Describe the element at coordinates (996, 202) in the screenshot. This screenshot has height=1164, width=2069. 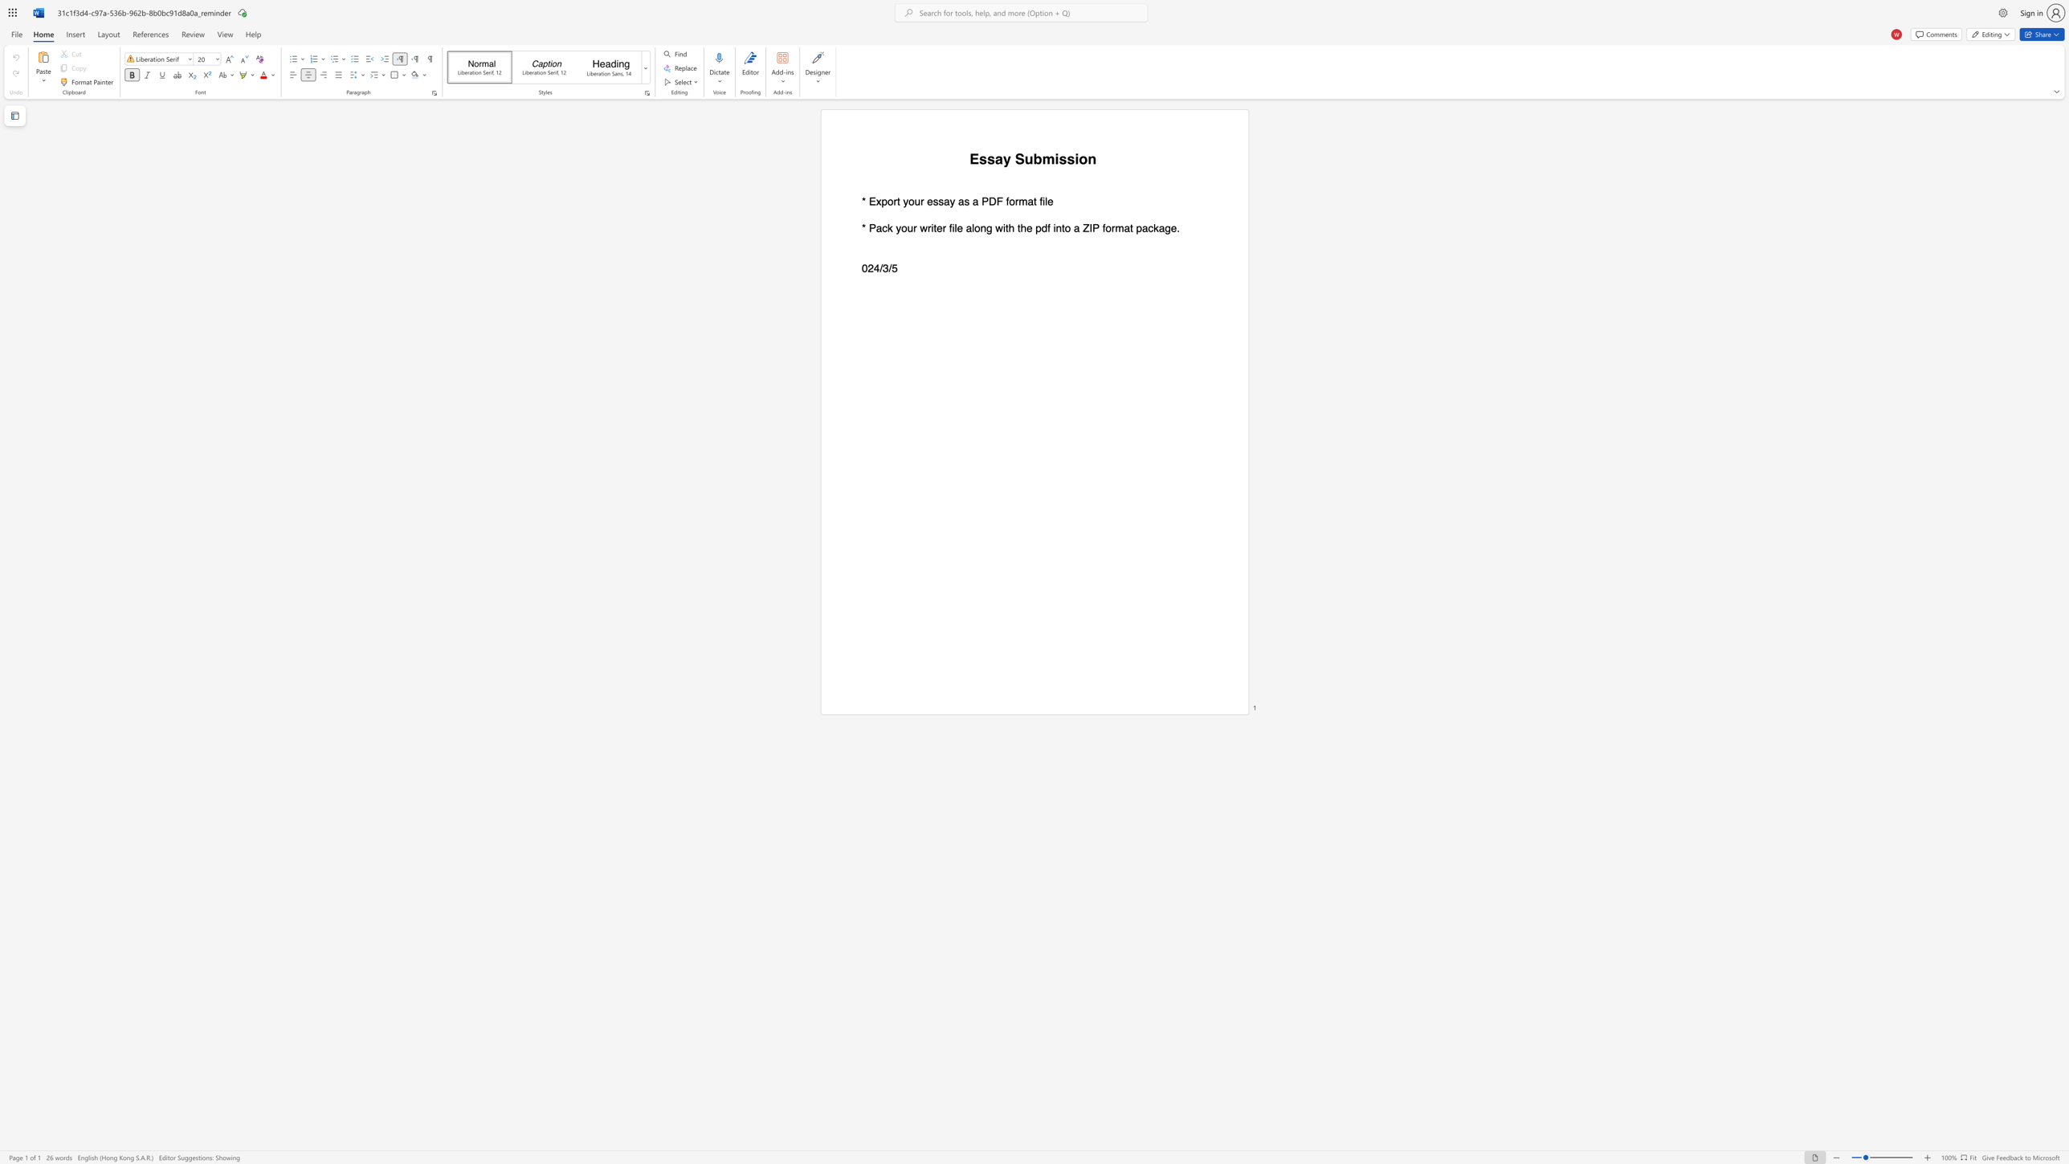
I see `the subset text "F for" within the text "a PDF format"` at that location.